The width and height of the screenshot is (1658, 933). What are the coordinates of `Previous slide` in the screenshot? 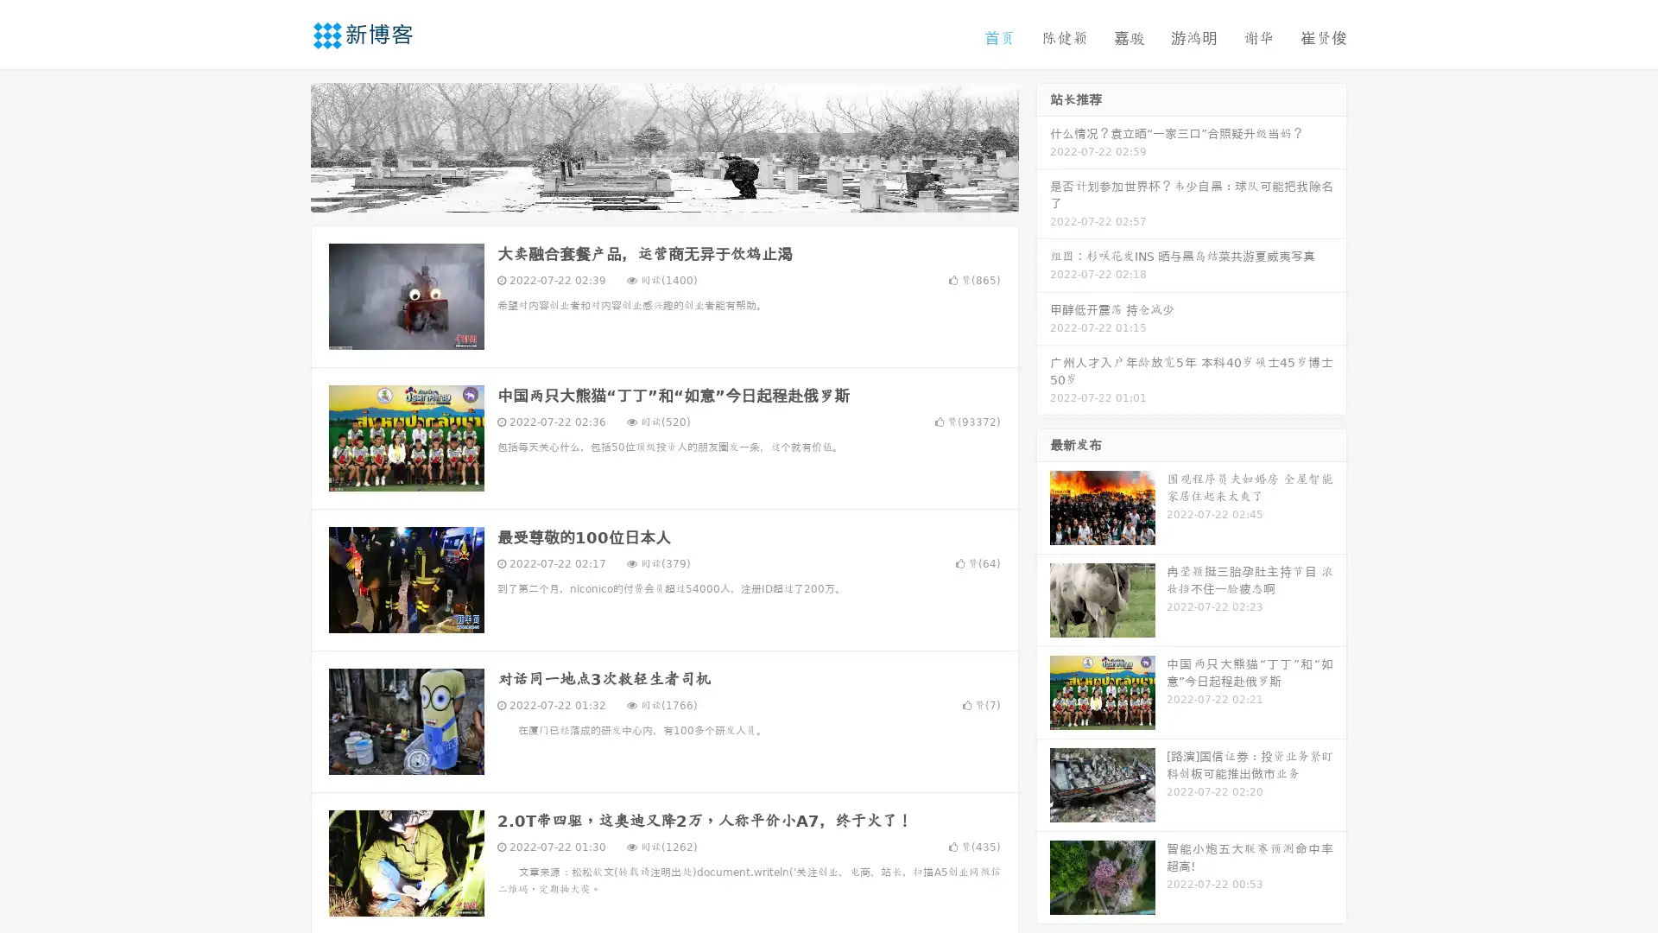 It's located at (285, 145).